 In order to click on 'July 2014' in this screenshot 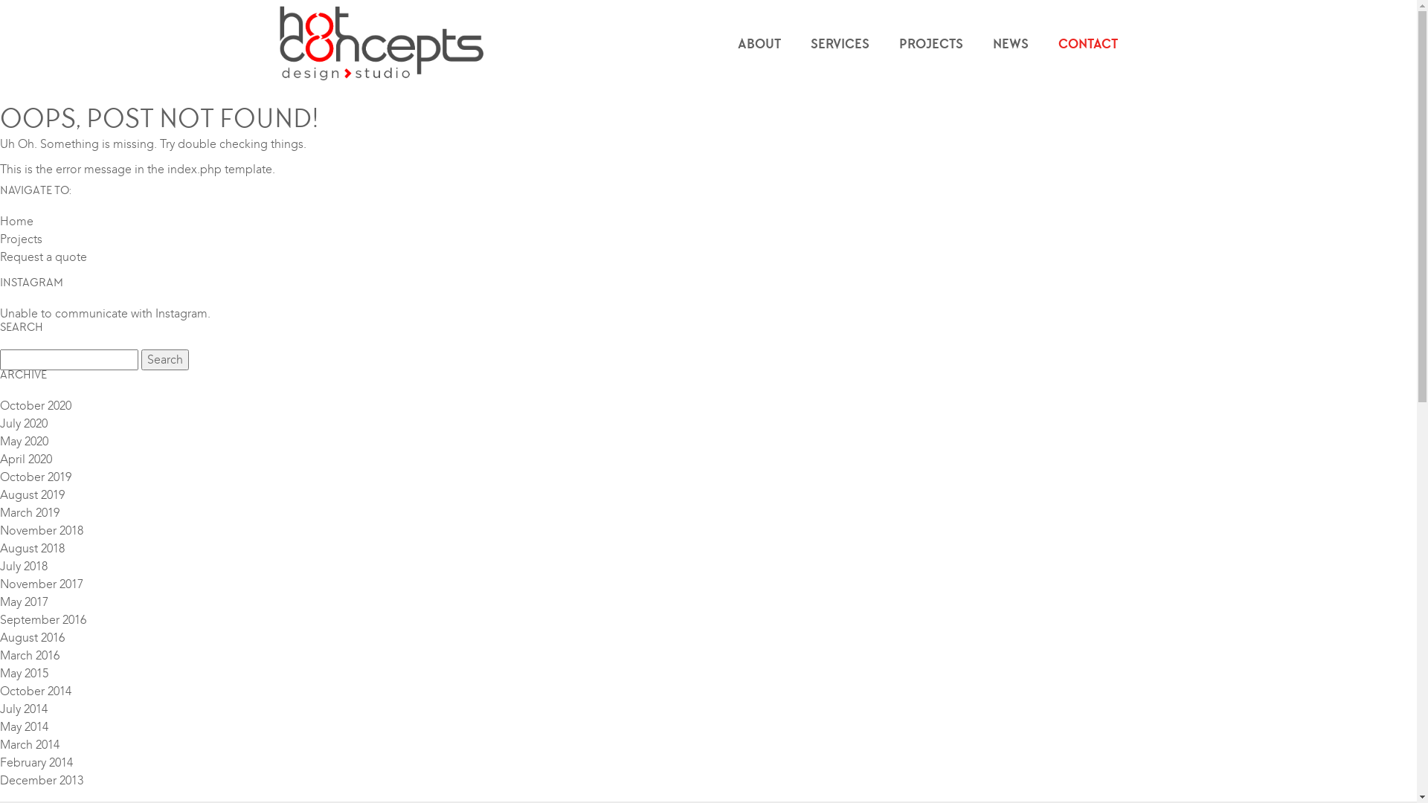, I will do `click(0, 708)`.